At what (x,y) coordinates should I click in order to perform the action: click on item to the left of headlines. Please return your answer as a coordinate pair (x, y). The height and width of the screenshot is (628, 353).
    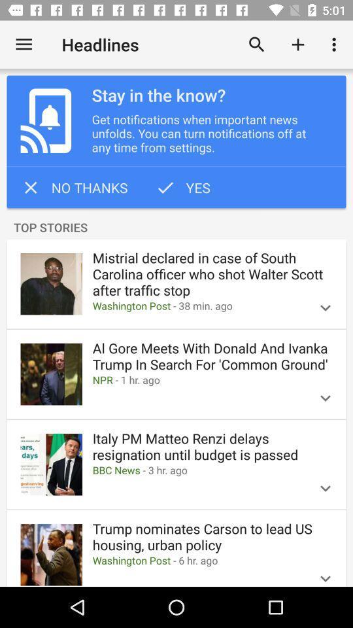
    Looking at the image, I should click on (24, 44).